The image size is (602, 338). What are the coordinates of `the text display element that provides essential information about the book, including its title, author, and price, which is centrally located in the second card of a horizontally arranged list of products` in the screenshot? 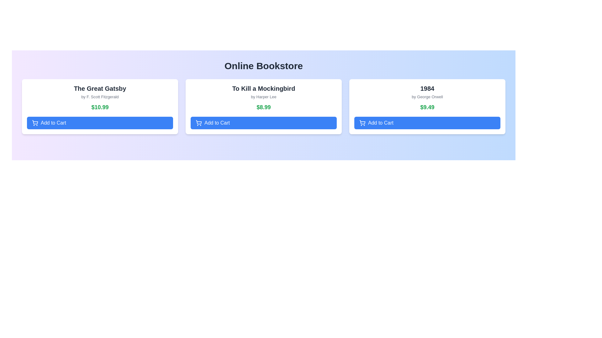 It's located at (263, 98).